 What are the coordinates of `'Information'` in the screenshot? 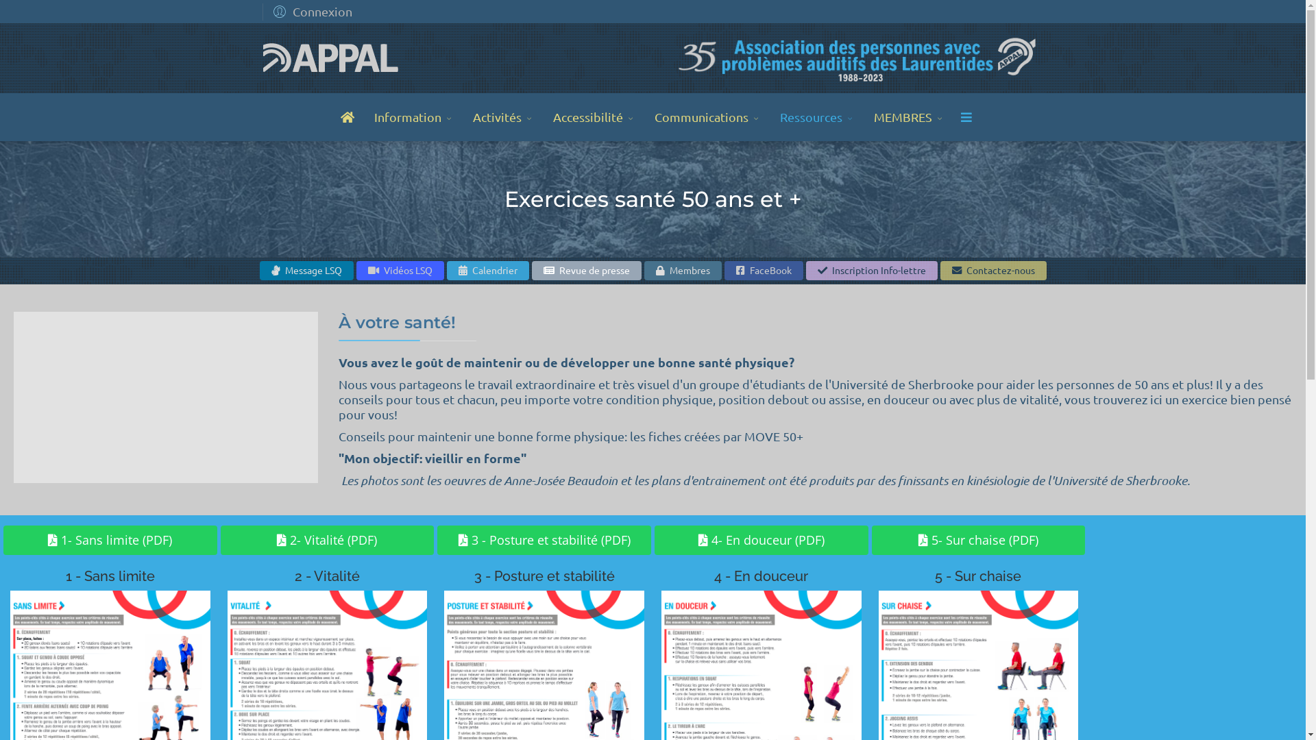 It's located at (414, 116).